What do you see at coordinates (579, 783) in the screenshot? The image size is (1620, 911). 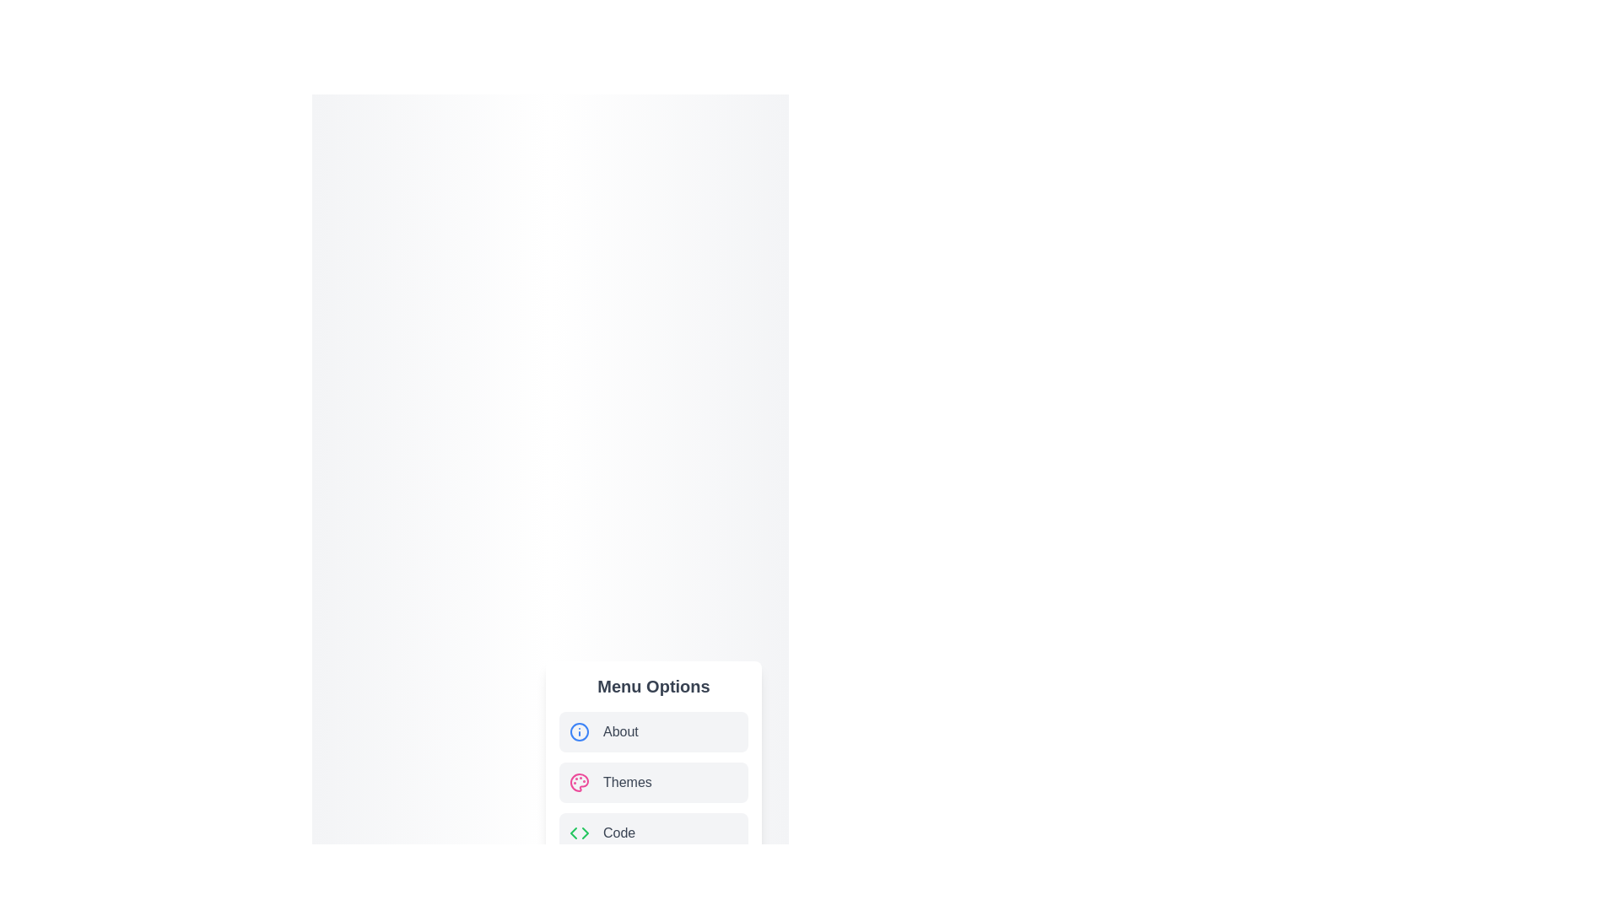 I see `the central filled area of the pink palette icon with smaller circular paint dabs, located in the top-right of the component list with options labeled 'About,' 'Themes,' and 'Code.'` at bounding box center [579, 783].